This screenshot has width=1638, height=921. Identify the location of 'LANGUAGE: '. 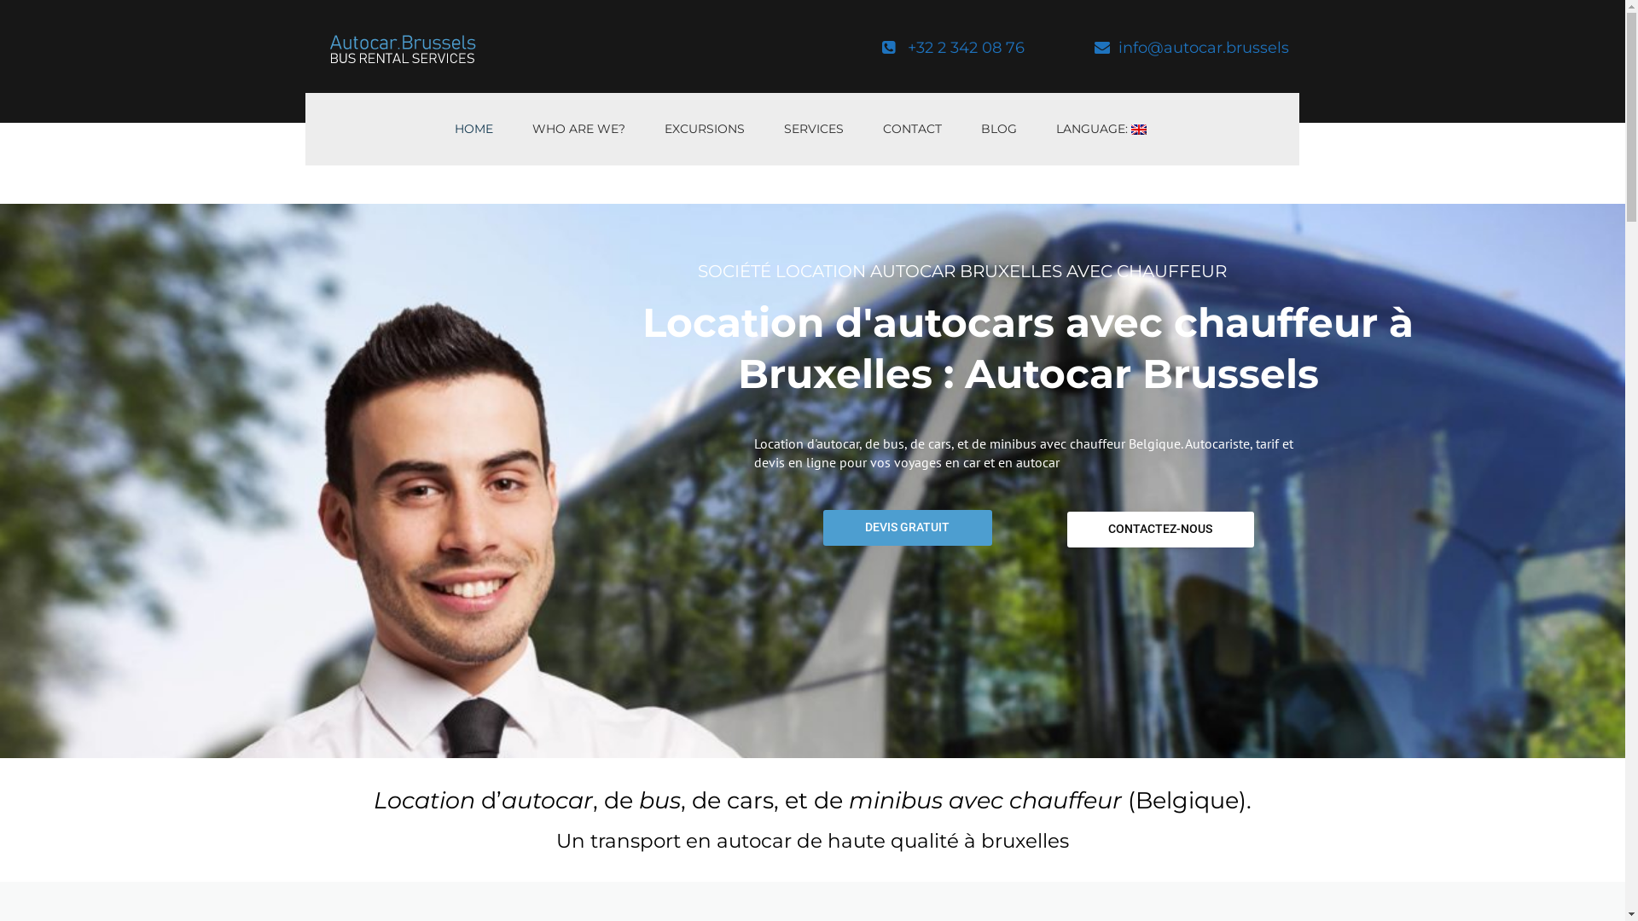
(1101, 128).